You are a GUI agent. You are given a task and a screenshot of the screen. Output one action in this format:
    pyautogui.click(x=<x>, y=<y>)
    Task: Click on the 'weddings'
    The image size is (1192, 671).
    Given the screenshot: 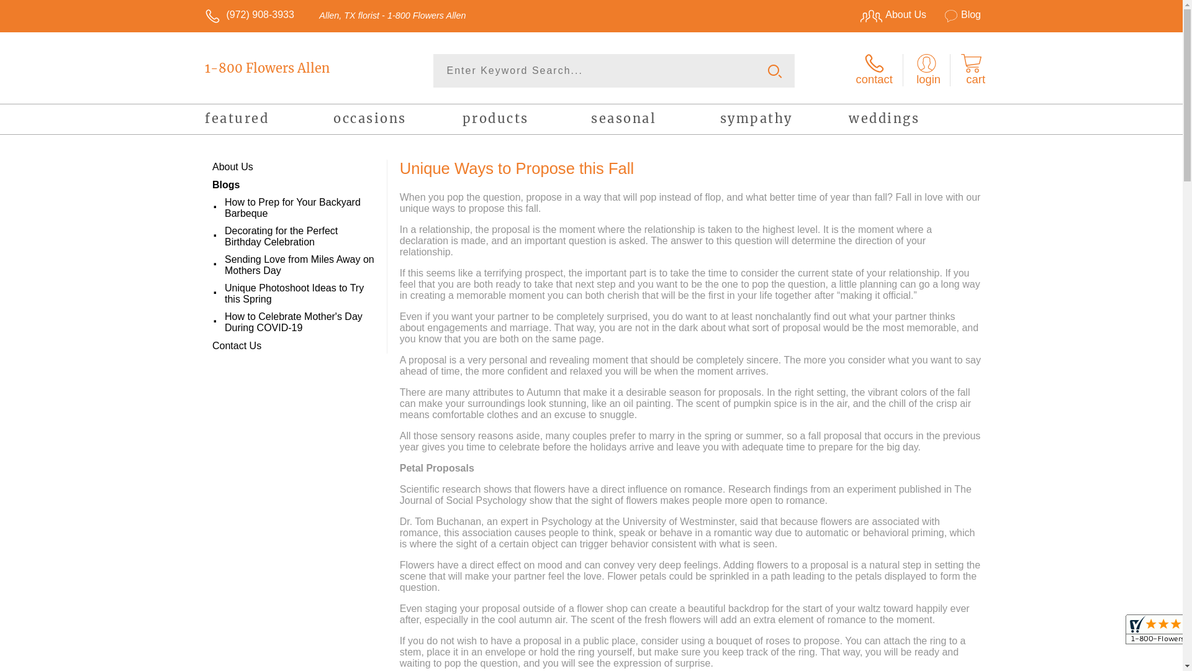 What is the action you would take?
    pyautogui.click(x=913, y=121)
    